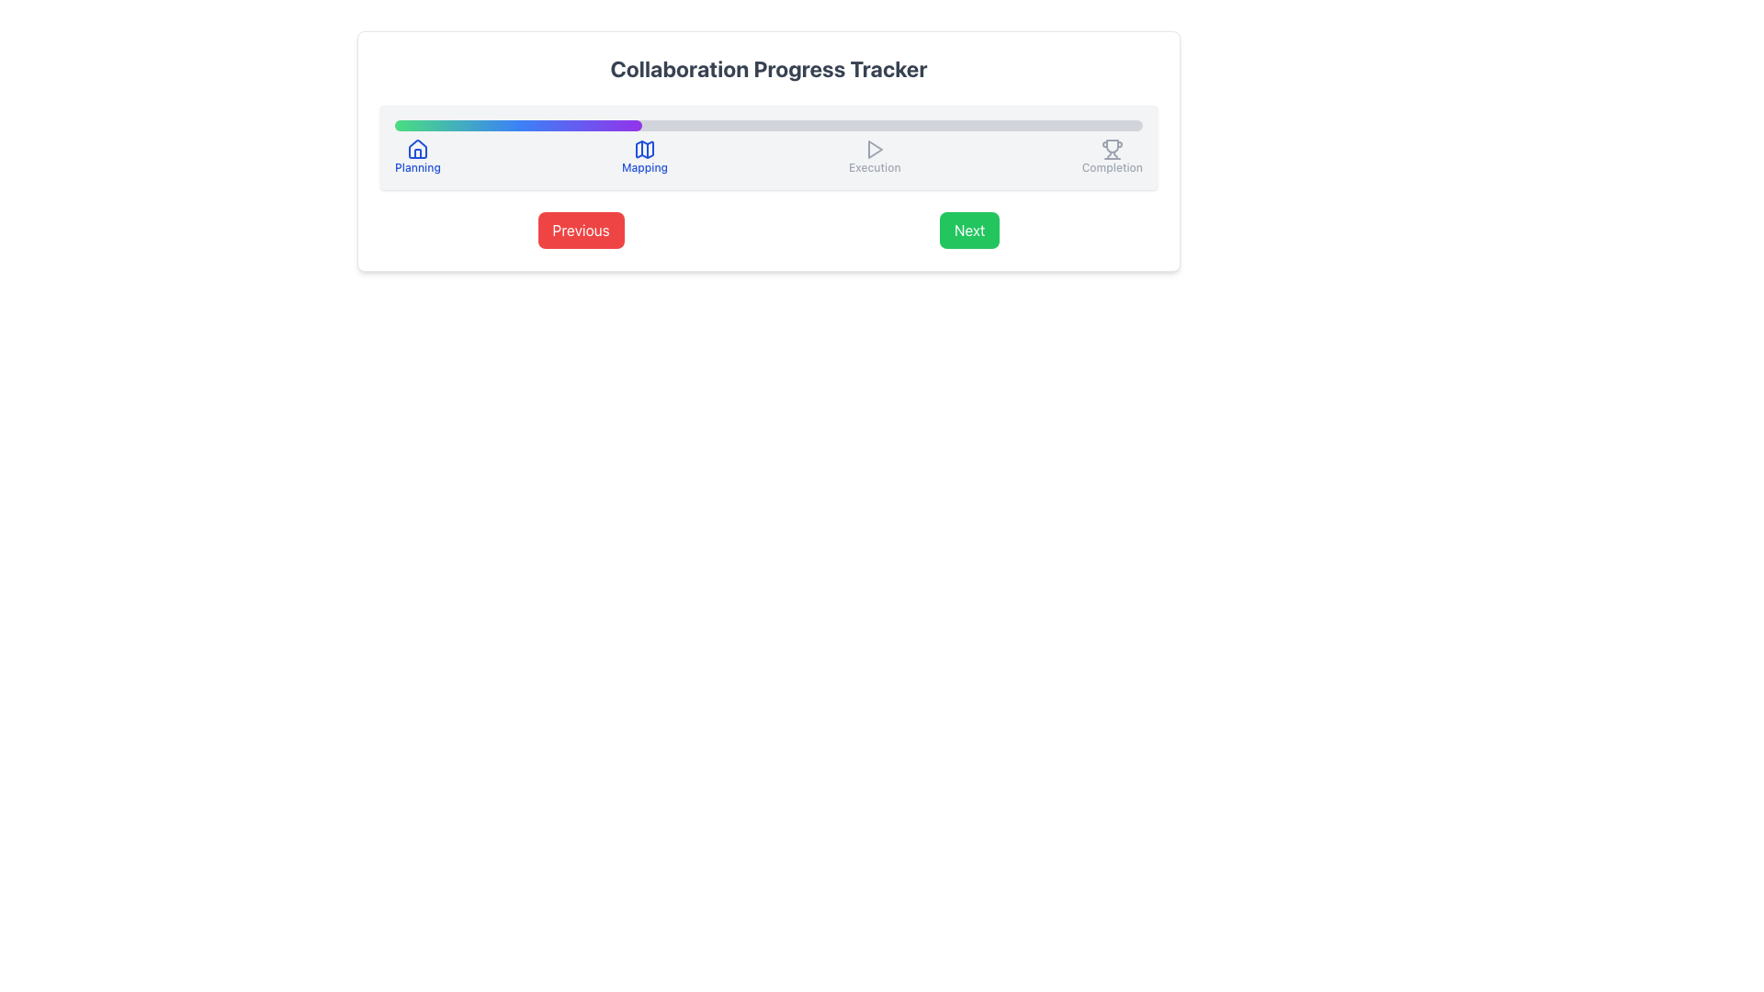  Describe the element at coordinates (768, 147) in the screenshot. I see `the visual progress on the Progress Tracker Bar located within the 'Collaboration Progress Tracker', positioned centrally towards the top of the box, between the header text and navigation buttons 'Previous' and 'Next'` at that location.